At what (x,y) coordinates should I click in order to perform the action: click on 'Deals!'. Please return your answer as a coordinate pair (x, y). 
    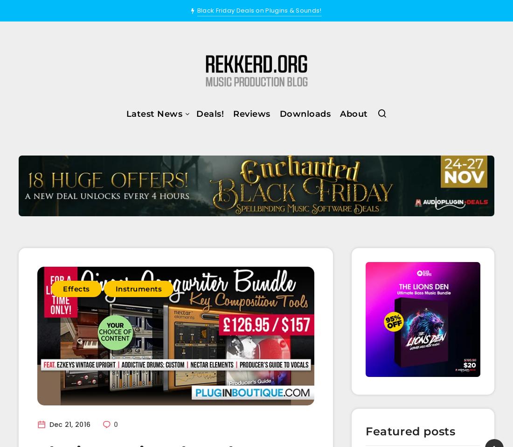
    Looking at the image, I should click on (209, 113).